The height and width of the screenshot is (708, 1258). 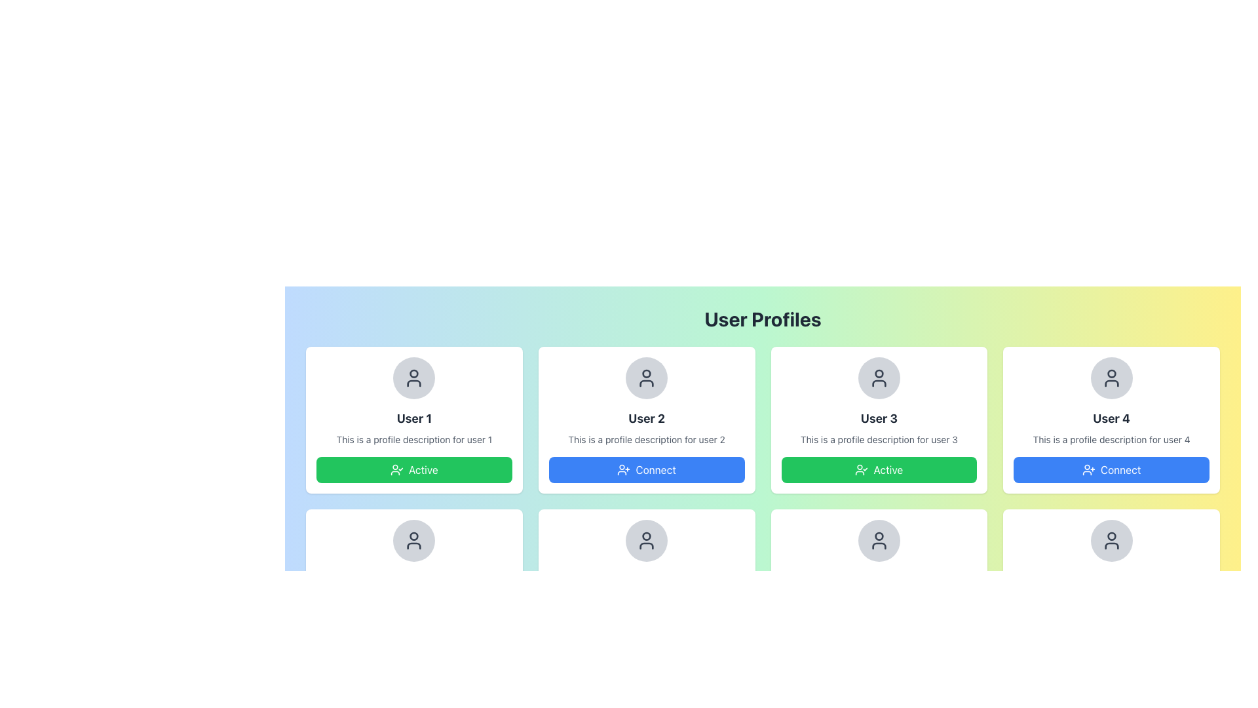 What do you see at coordinates (413, 440) in the screenshot?
I see `the text providing a brief description of 'User 1', located directly below the title 'User 1' and above the green 'Active' button in the profile card for 'User 1'` at bounding box center [413, 440].